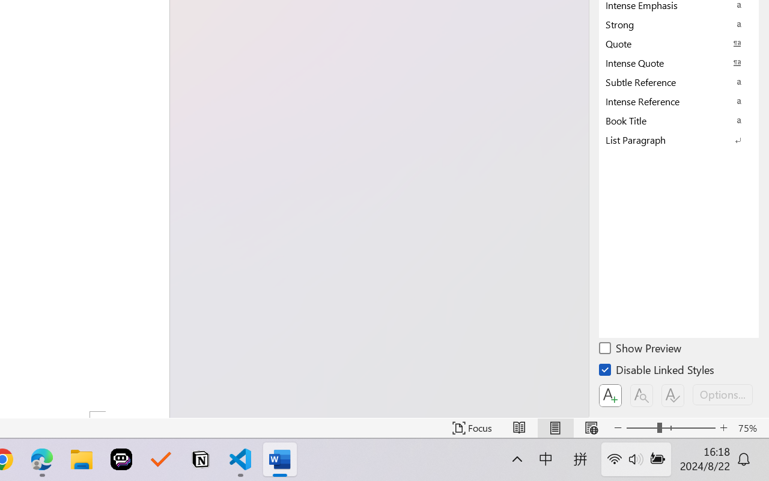 The width and height of the screenshot is (769, 481). I want to click on 'Class: NetUIButton', so click(673, 395).